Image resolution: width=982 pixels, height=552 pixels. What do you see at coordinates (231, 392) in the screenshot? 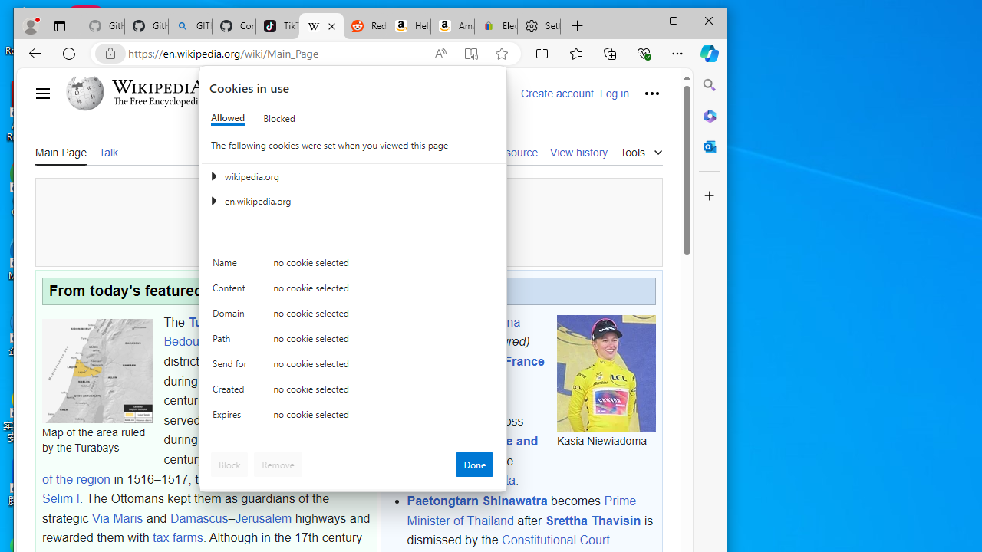
I see `'Created'` at bounding box center [231, 392].